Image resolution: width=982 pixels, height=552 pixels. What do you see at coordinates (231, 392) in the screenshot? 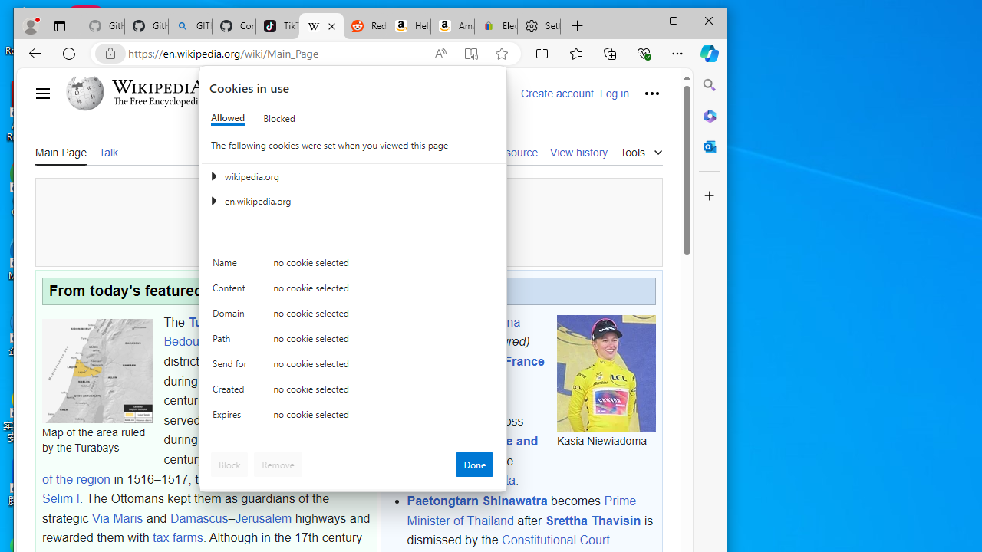
I see `'Created'` at bounding box center [231, 392].